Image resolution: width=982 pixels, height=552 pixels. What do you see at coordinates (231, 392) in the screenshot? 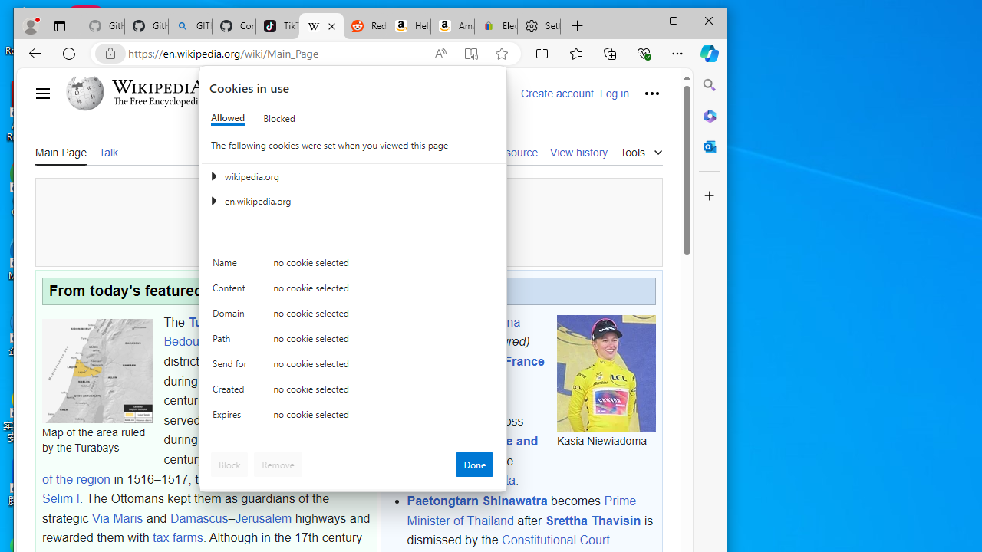
I see `'Created'` at bounding box center [231, 392].